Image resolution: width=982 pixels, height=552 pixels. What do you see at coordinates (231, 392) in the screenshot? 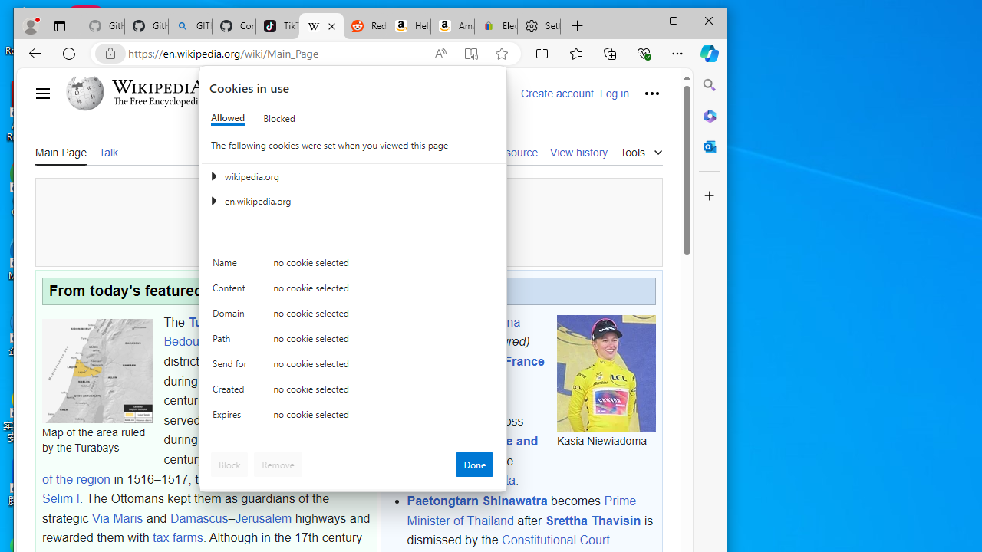
I see `'Created'` at bounding box center [231, 392].